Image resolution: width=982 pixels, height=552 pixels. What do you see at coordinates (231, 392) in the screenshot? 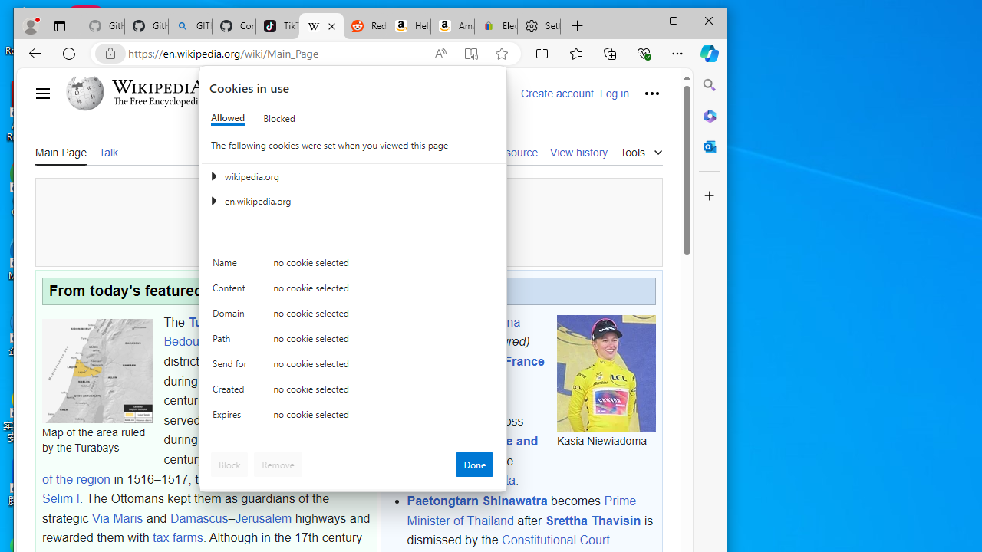
I see `'Created'` at bounding box center [231, 392].